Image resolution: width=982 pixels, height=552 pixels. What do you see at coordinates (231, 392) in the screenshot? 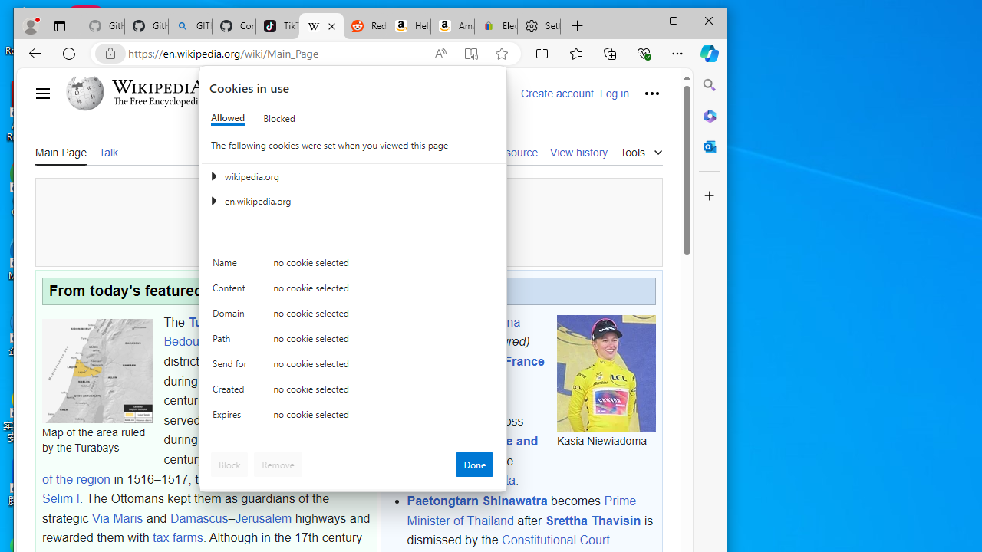
I see `'Created'` at bounding box center [231, 392].